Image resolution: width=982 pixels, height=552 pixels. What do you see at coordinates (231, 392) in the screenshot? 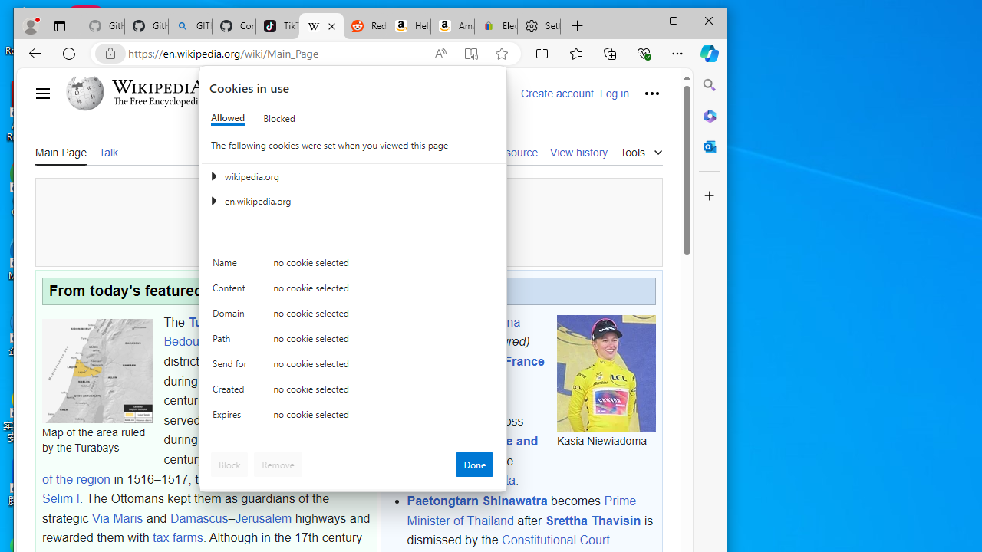
I see `'Created'` at bounding box center [231, 392].